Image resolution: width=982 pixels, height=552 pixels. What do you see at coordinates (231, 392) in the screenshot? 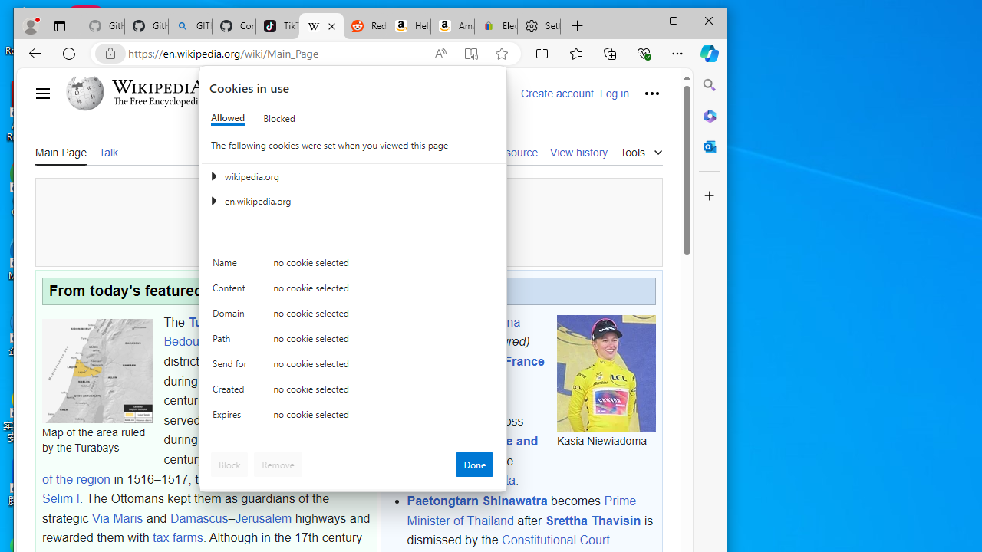
I see `'Created'` at bounding box center [231, 392].